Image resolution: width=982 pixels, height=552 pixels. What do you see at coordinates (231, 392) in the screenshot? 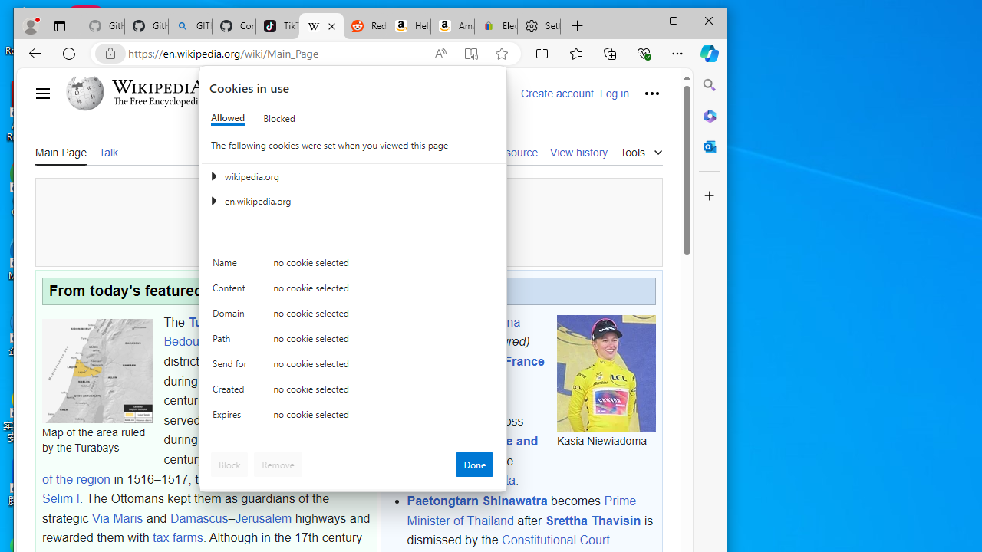
I see `'Created'` at bounding box center [231, 392].